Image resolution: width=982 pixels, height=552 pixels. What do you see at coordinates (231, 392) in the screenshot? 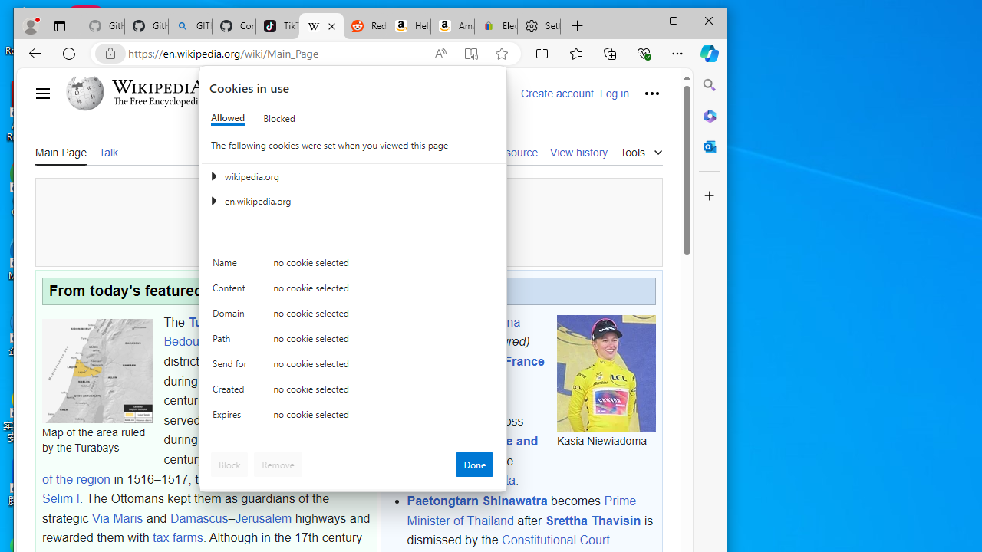
I see `'Created'` at bounding box center [231, 392].